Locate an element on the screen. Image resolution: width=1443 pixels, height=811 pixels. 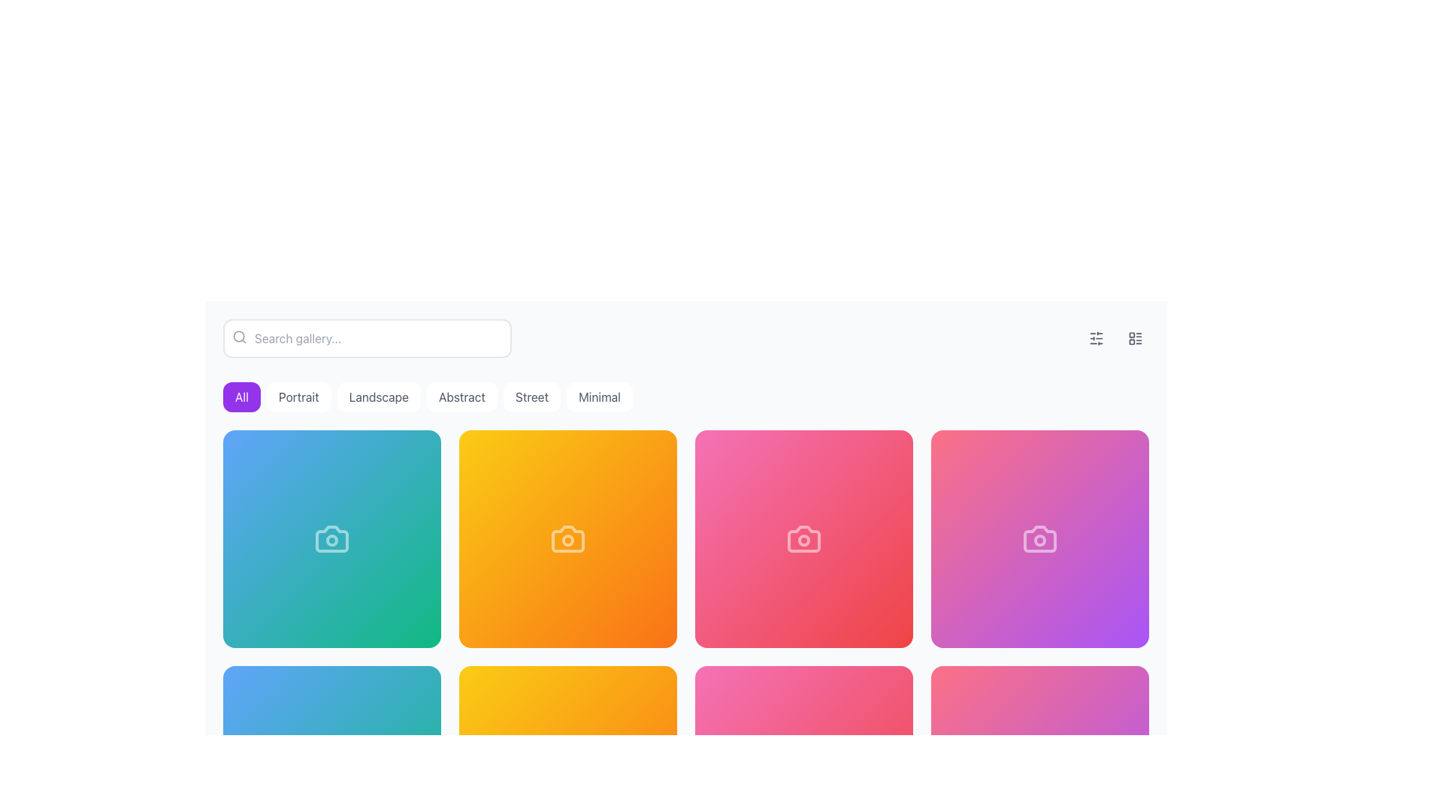
the 'Street' button, which is the fifth button from the left in a group of six category buttons is located at coordinates (532, 396).